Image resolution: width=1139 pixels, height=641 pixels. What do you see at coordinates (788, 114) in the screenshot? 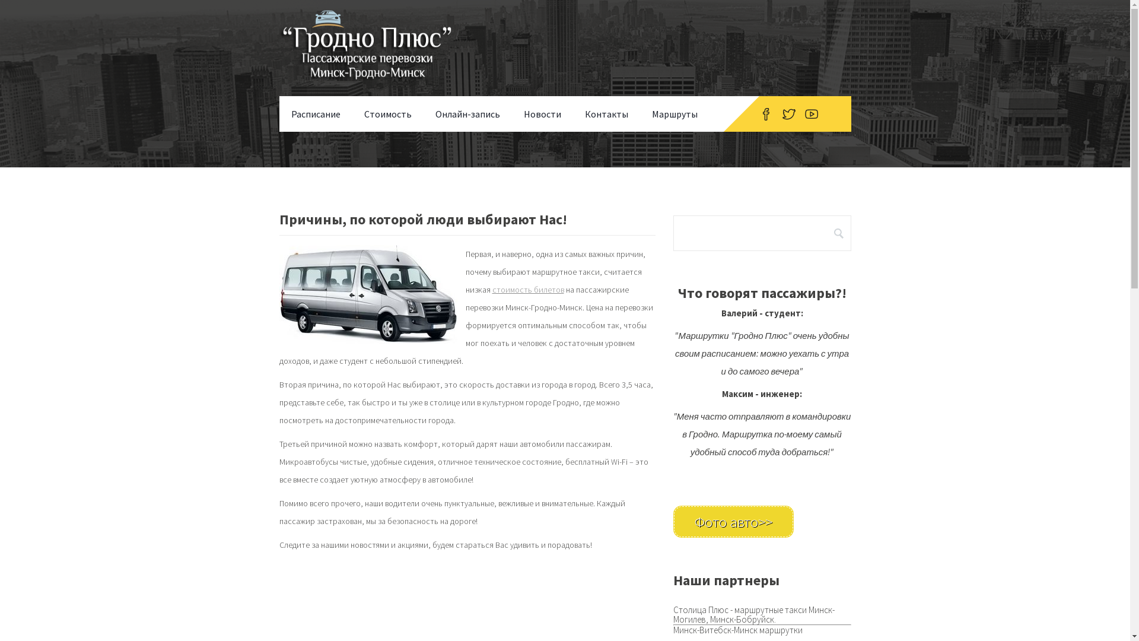
I see `'Twitter'` at bounding box center [788, 114].